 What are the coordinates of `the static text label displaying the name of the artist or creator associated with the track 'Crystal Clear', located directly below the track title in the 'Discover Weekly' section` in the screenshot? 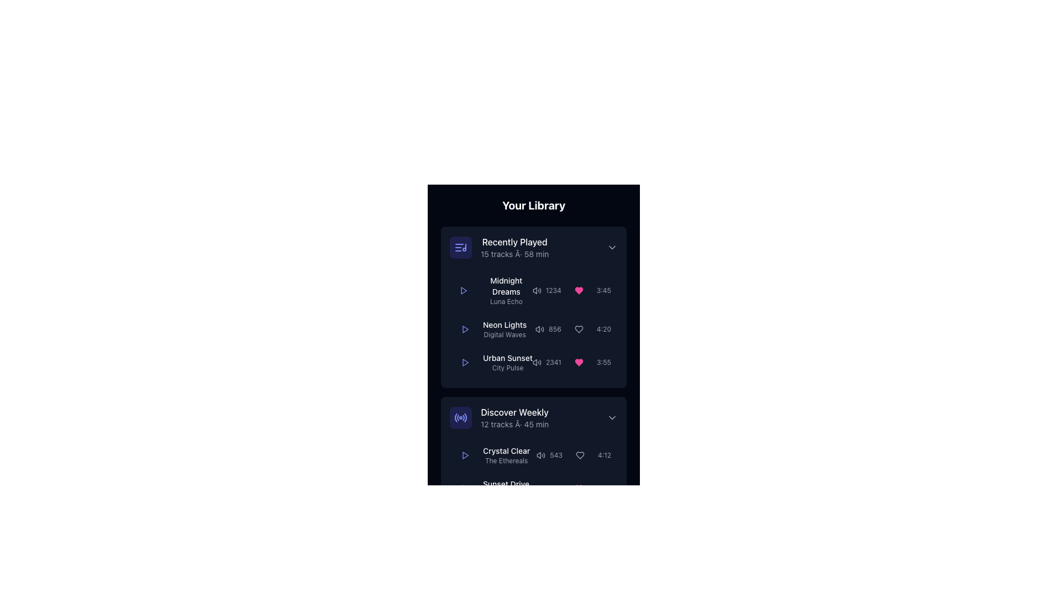 It's located at (506, 460).